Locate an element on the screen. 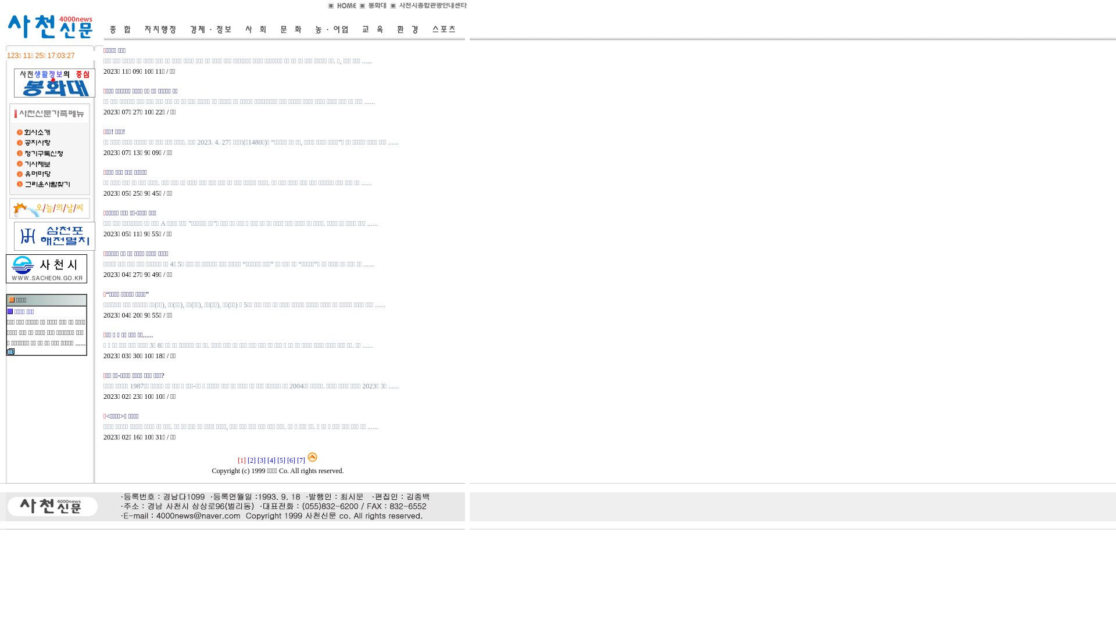 The image size is (1116, 627). '[6]' is located at coordinates (291, 460).